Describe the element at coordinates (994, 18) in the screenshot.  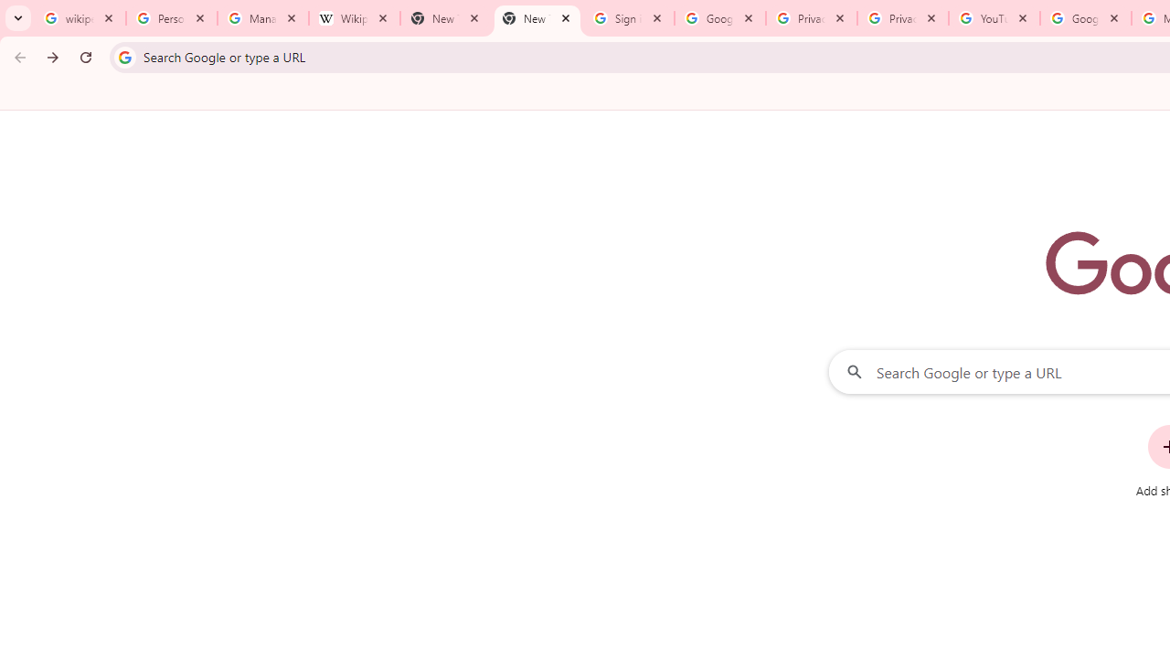
I see `'YouTube'` at that location.